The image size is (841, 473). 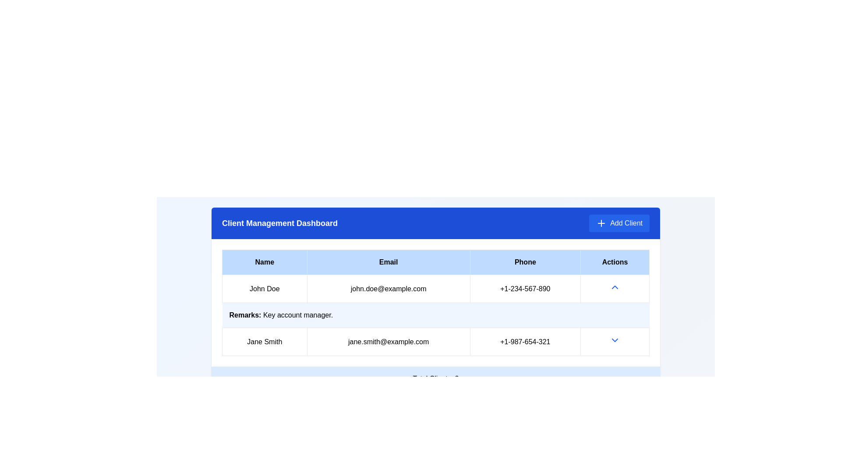 I want to click on the email address 'jane.smith@example.com' displayed in the 'Email' column of the 'Client Management Dashboard' table for further actions, so click(x=388, y=341).